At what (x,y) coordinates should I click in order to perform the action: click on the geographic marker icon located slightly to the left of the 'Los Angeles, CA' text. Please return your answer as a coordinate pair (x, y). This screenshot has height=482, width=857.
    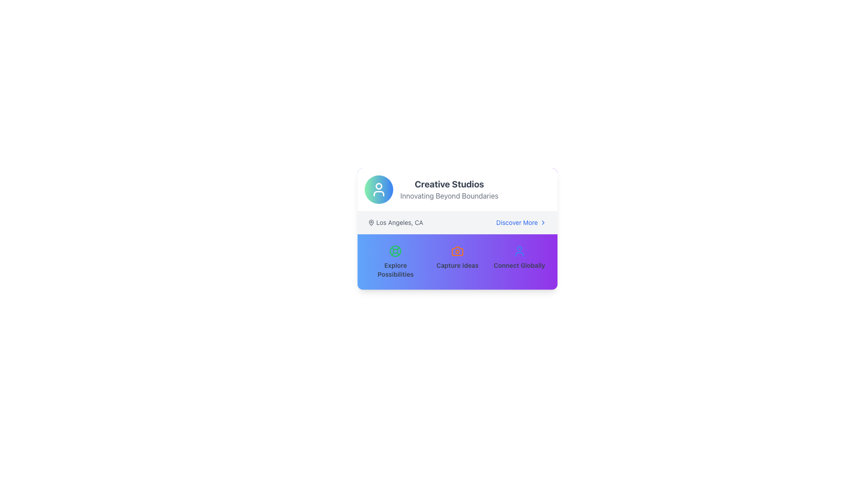
    Looking at the image, I should click on (371, 221).